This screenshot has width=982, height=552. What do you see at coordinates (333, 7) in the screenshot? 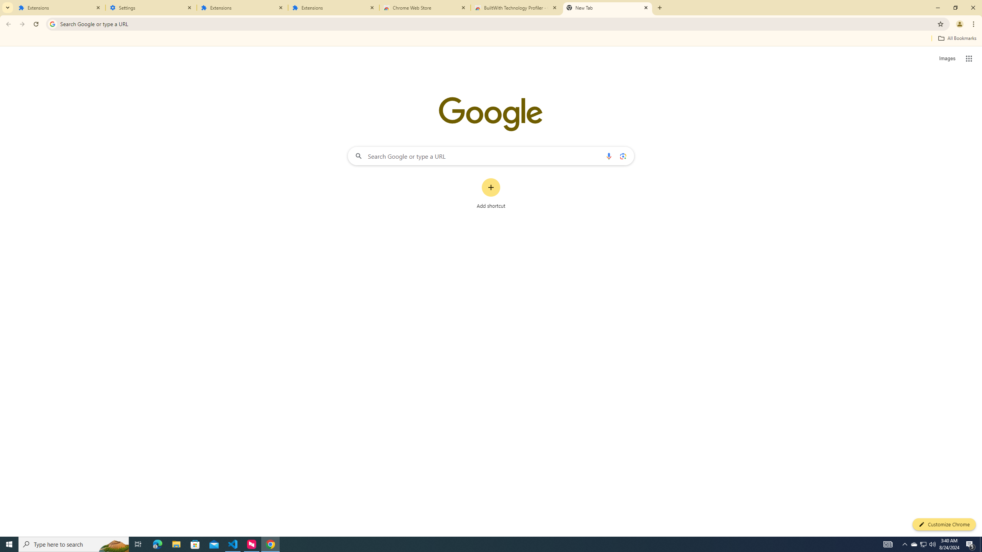
I see `'Extensions'` at bounding box center [333, 7].